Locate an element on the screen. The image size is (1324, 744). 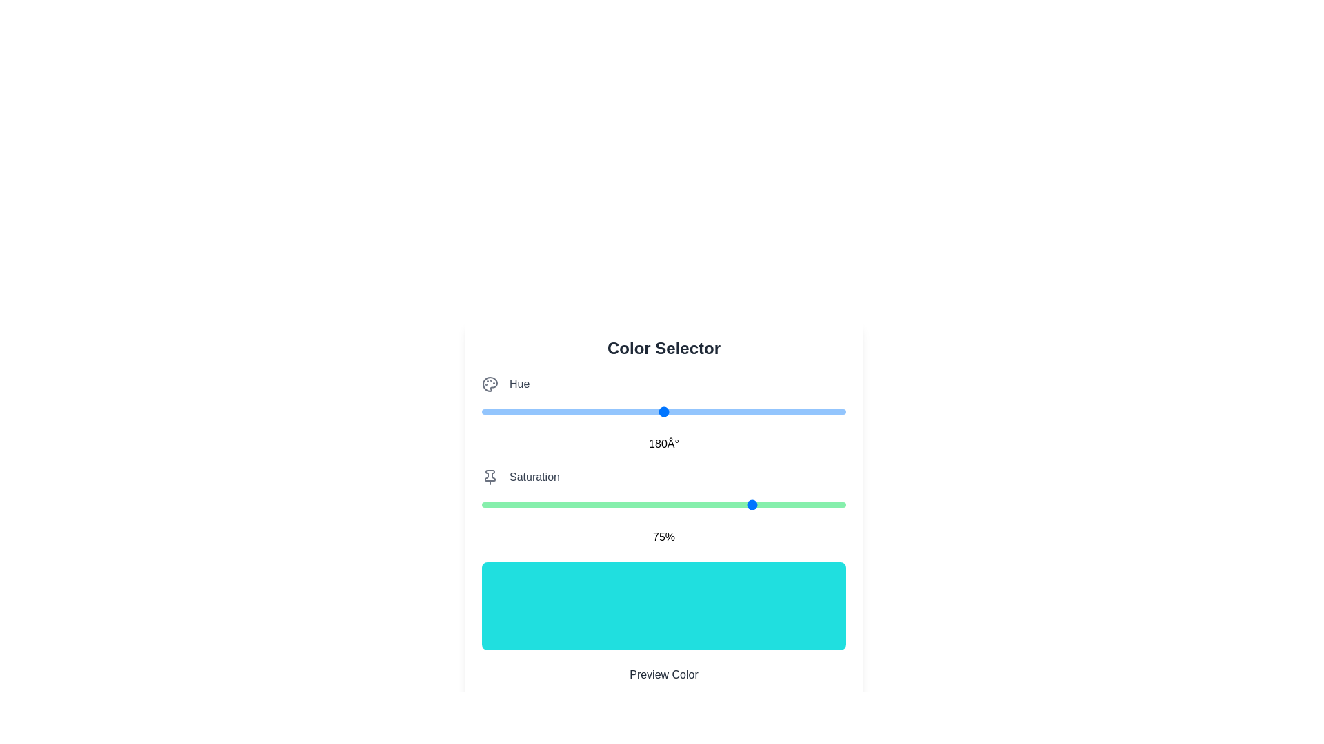
the hue is located at coordinates (735, 411).